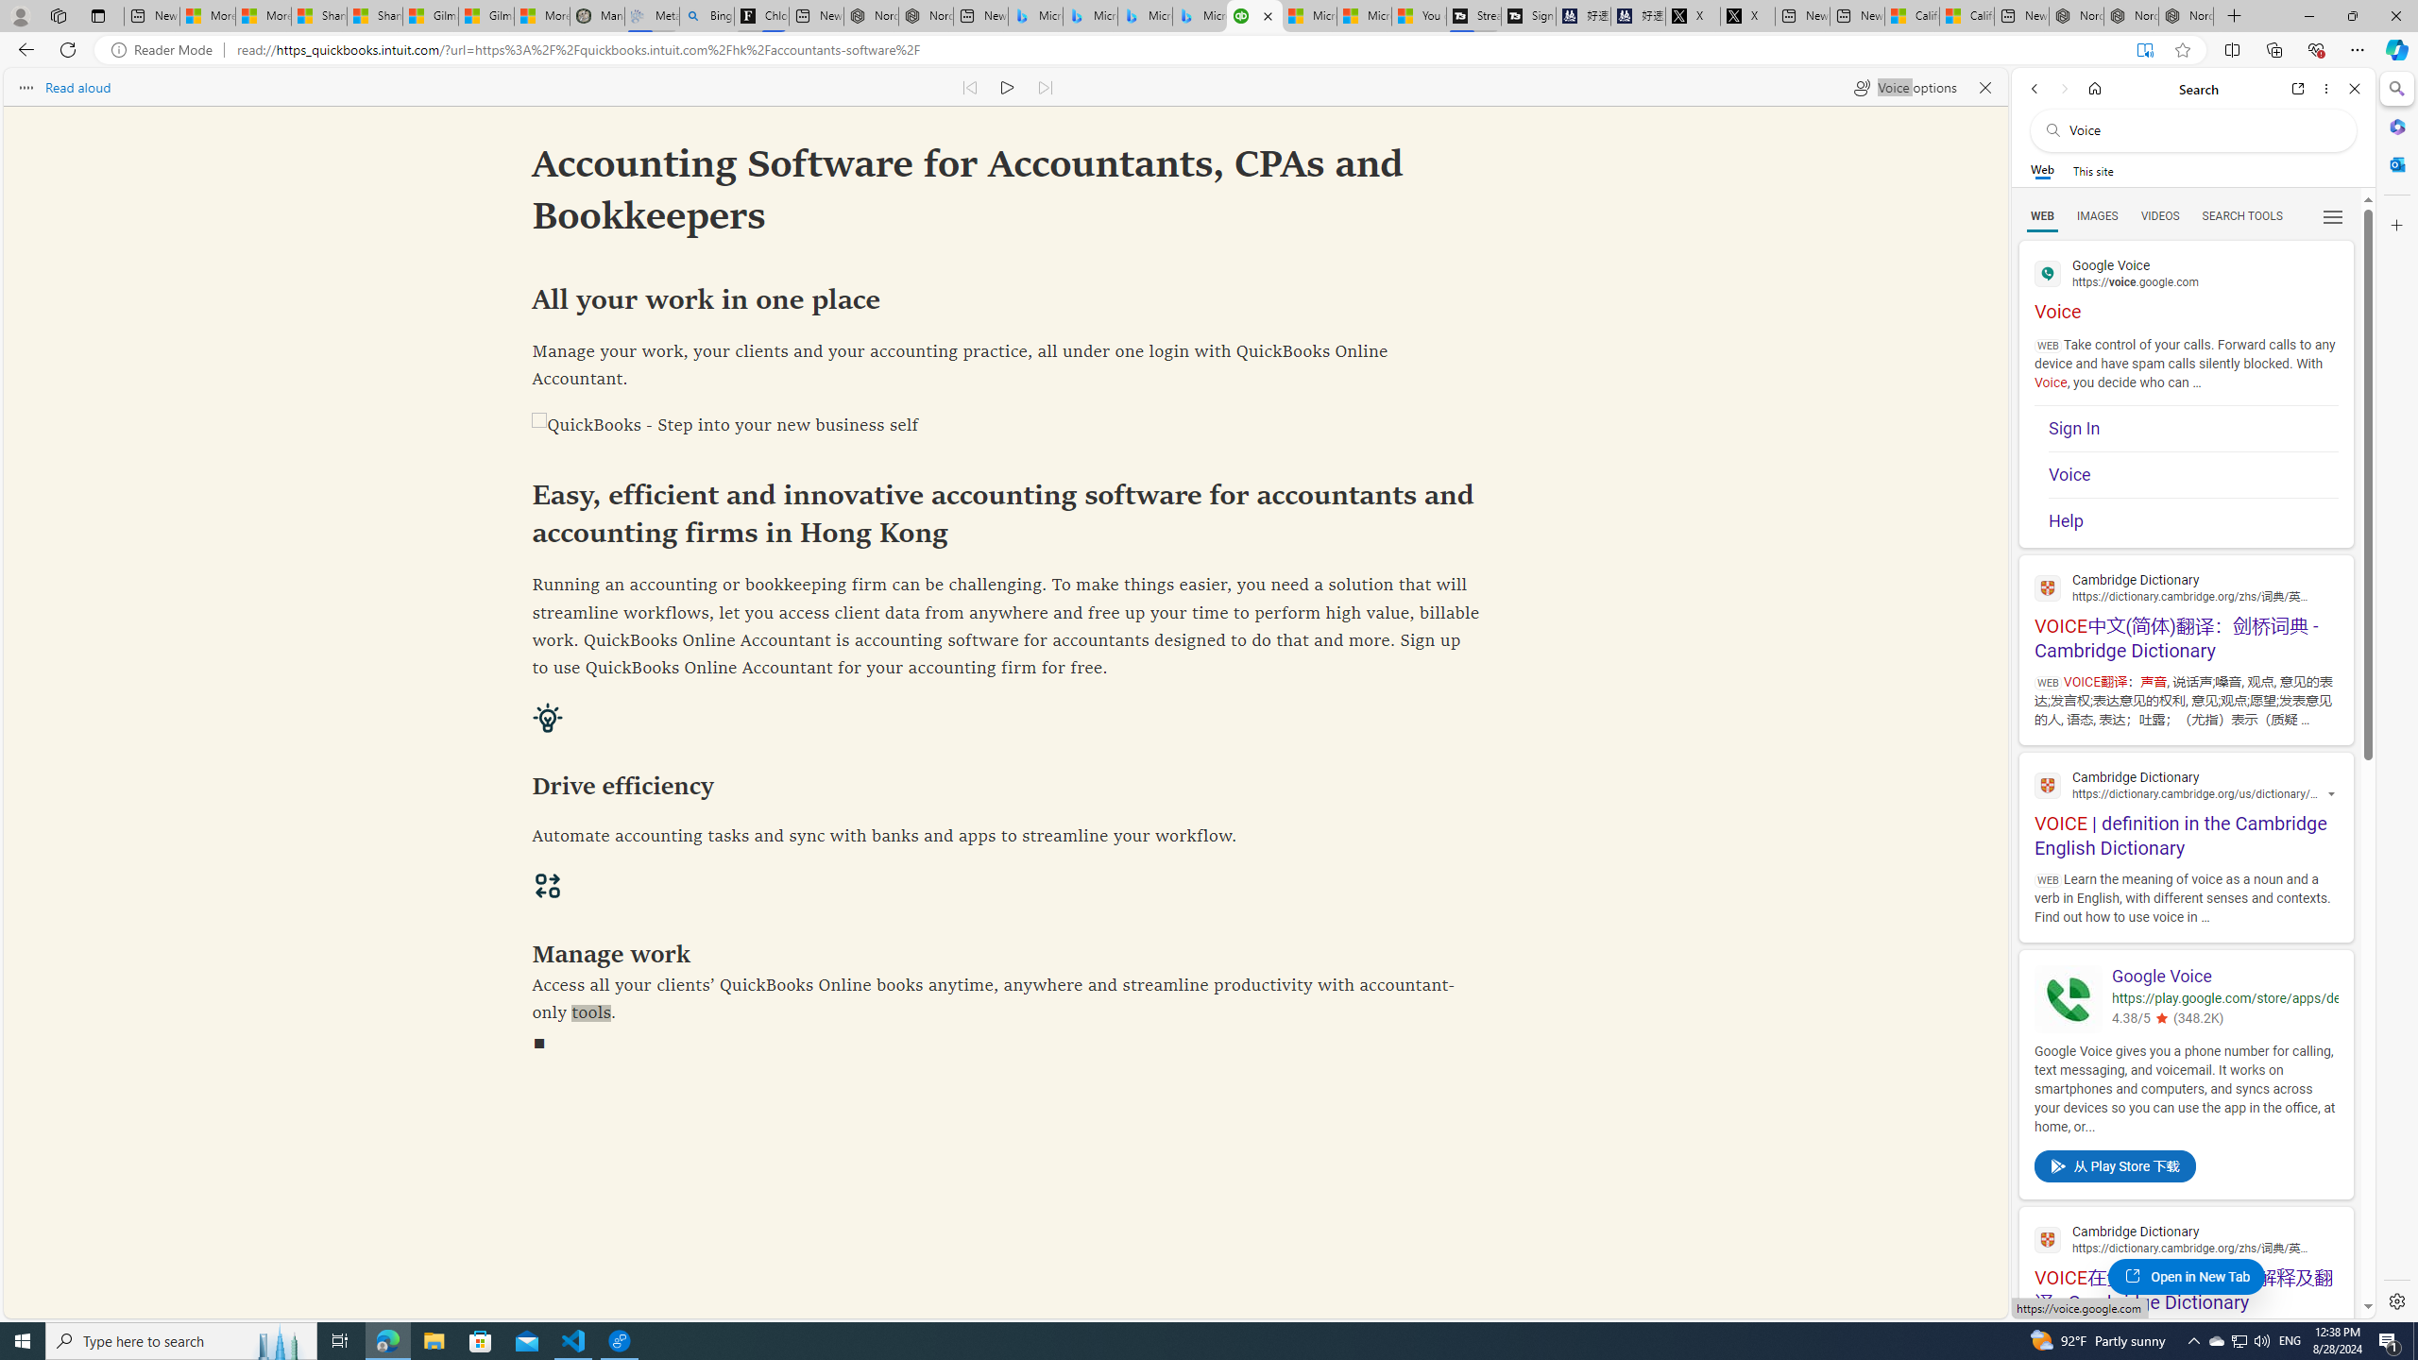 The image size is (2418, 1360). What do you see at coordinates (2075, 15) in the screenshot?
I see `'Nordace - Best Sellers'` at bounding box center [2075, 15].